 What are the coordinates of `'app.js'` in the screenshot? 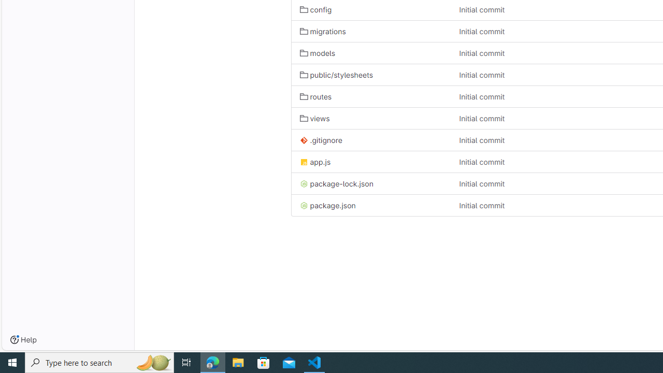 It's located at (371, 162).